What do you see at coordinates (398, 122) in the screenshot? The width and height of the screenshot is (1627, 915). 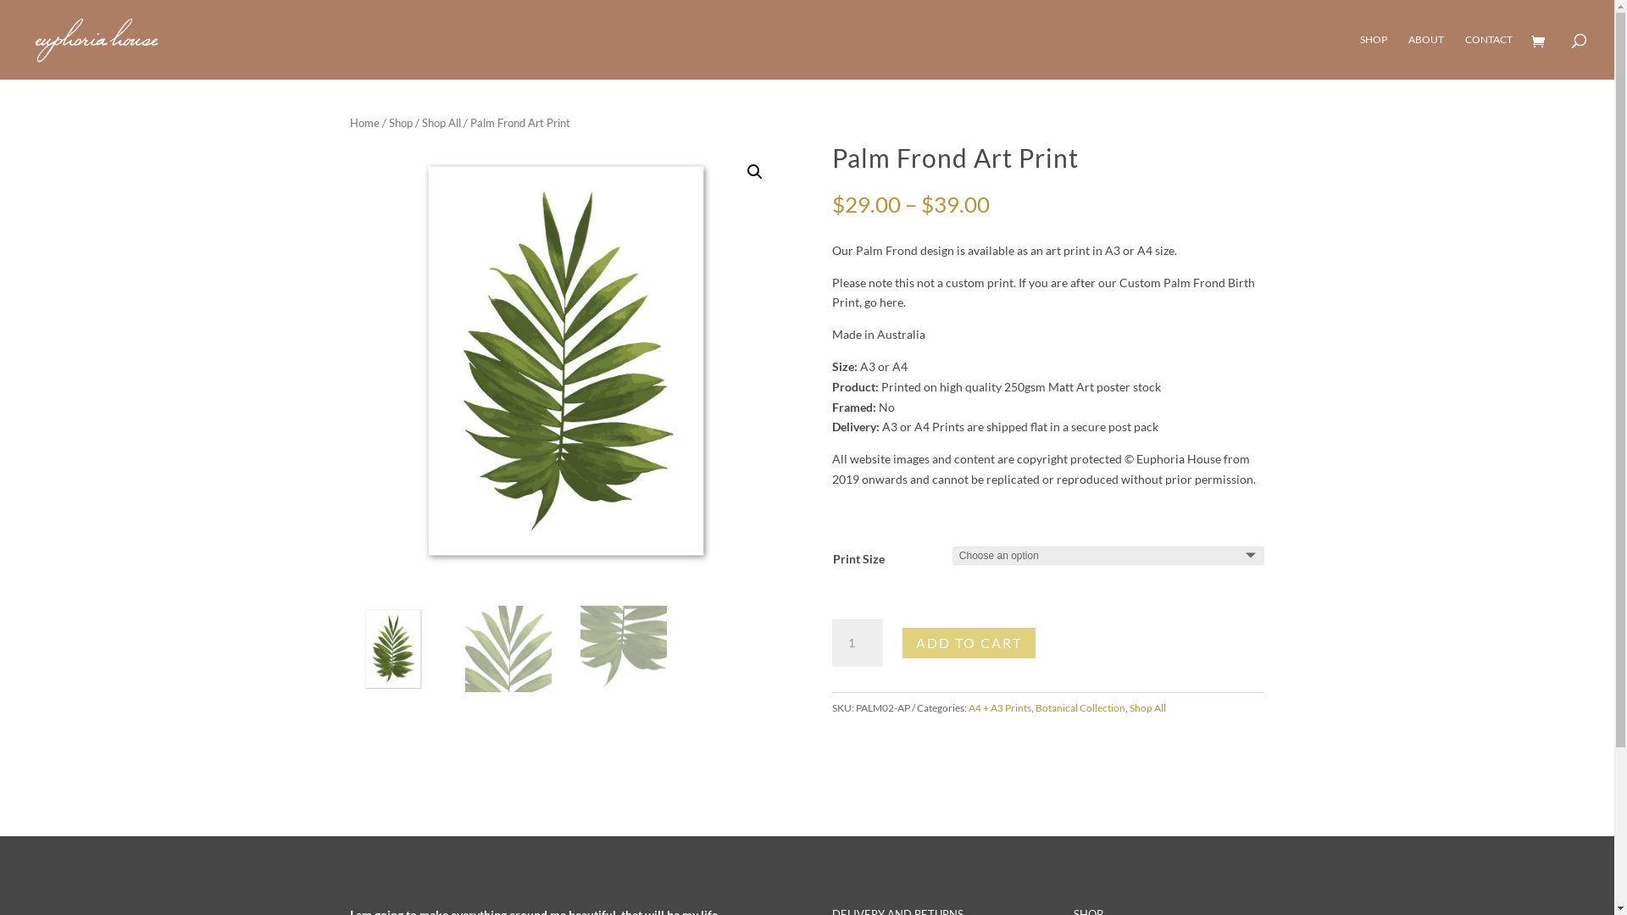 I see `'Shop'` at bounding box center [398, 122].